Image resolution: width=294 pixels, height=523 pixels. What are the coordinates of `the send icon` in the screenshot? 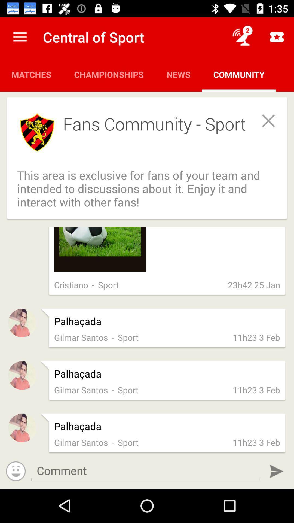 It's located at (277, 471).